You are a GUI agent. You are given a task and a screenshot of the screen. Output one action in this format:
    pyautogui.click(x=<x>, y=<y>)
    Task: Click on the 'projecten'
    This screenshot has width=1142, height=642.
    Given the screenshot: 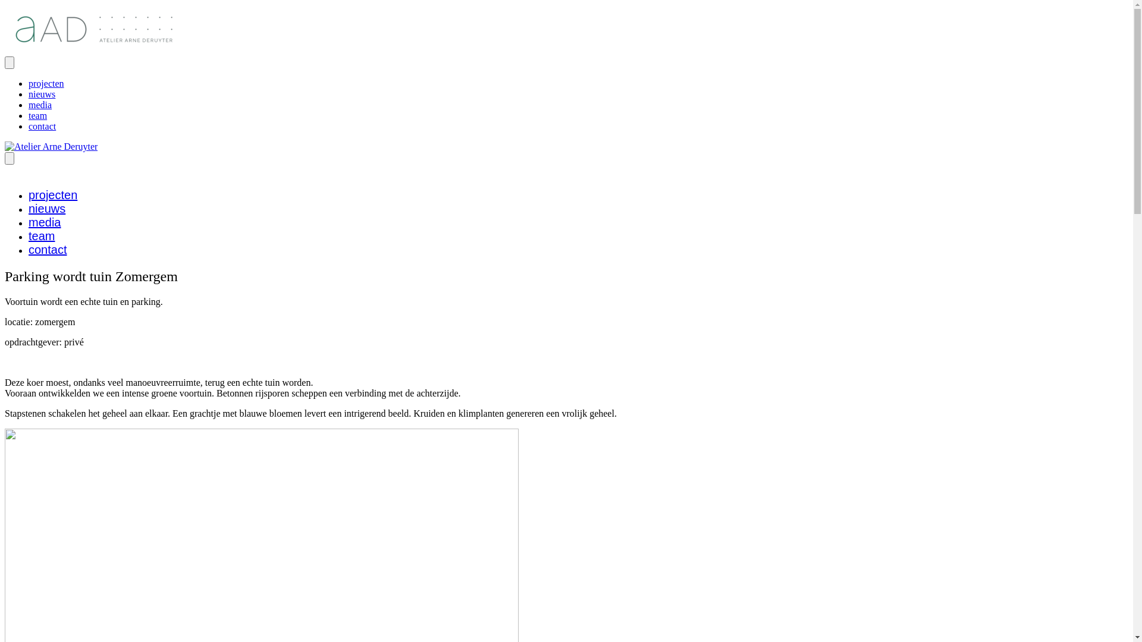 What is the action you would take?
    pyautogui.click(x=52, y=194)
    